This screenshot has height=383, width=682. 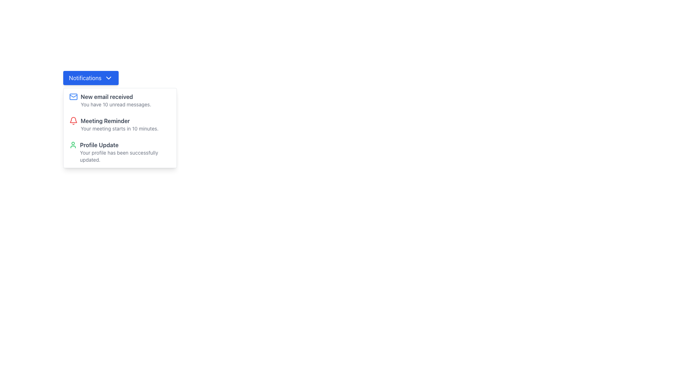 I want to click on information presented in the text label that notifies the user about newly received emails and the count of unread messages, so click(x=116, y=100).